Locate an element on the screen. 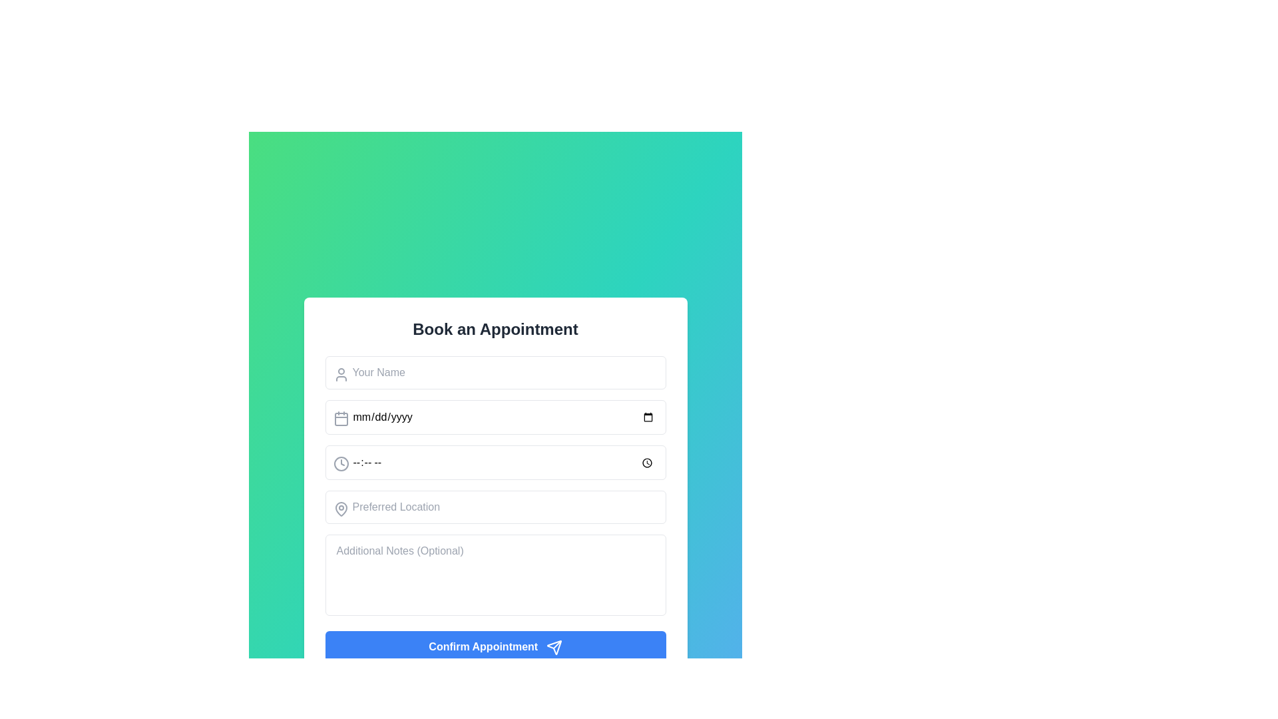  the geographical location icon positioned to the left of the 'Preferred Location' input field is located at coordinates (341, 509).